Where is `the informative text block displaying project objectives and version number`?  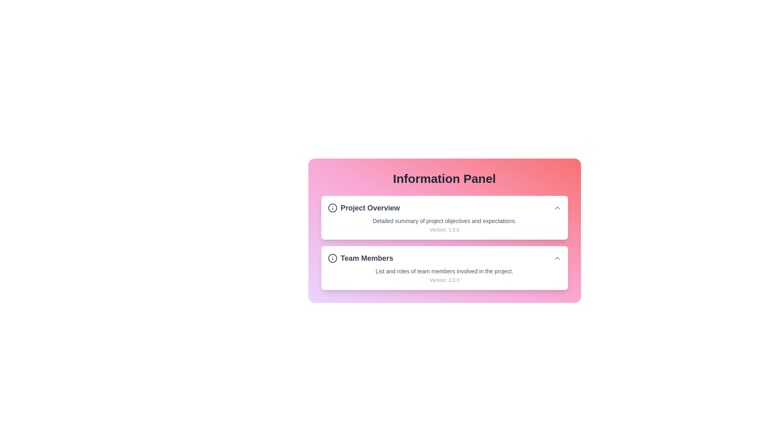 the informative text block displaying project objectives and version number is located at coordinates (444, 225).